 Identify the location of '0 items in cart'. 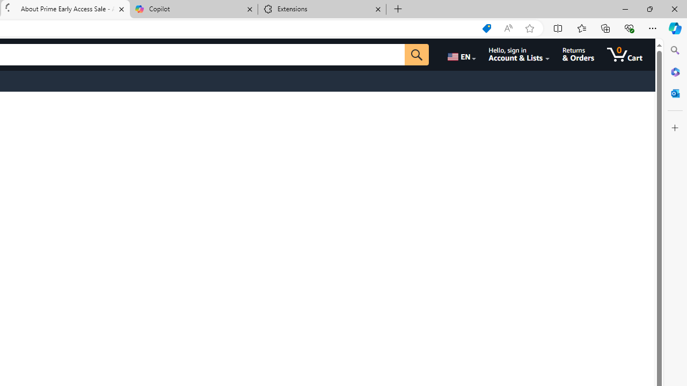
(632, 54).